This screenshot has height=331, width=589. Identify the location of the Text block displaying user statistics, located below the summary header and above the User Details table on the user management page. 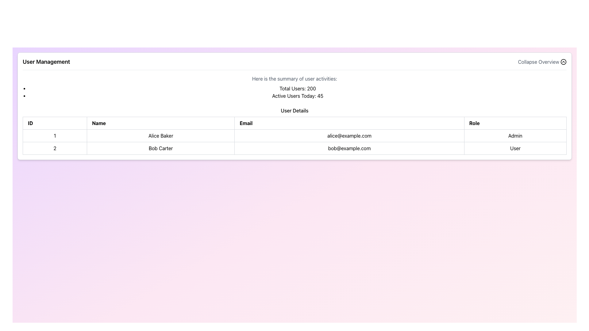
(298, 92).